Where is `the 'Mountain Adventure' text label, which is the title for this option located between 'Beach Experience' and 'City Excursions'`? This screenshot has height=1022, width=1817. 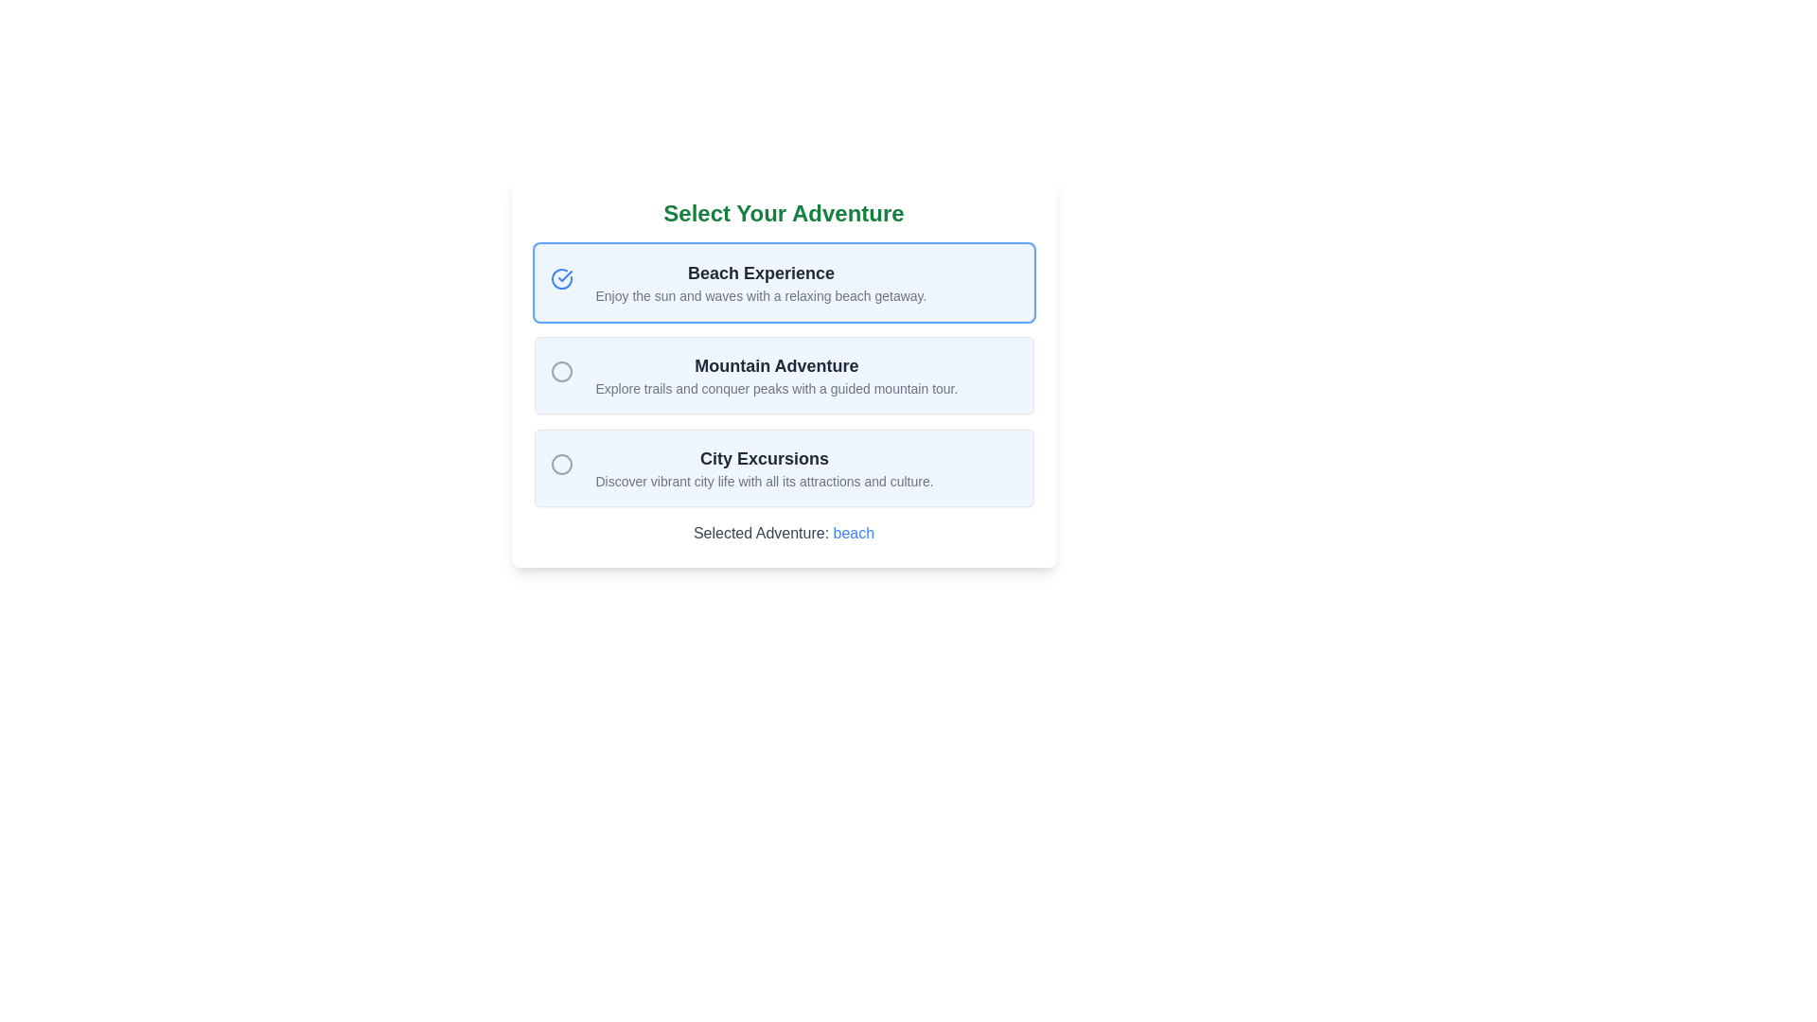
the 'Mountain Adventure' text label, which is the title for this option located between 'Beach Experience' and 'City Excursions' is located at coordinates (776, 365).